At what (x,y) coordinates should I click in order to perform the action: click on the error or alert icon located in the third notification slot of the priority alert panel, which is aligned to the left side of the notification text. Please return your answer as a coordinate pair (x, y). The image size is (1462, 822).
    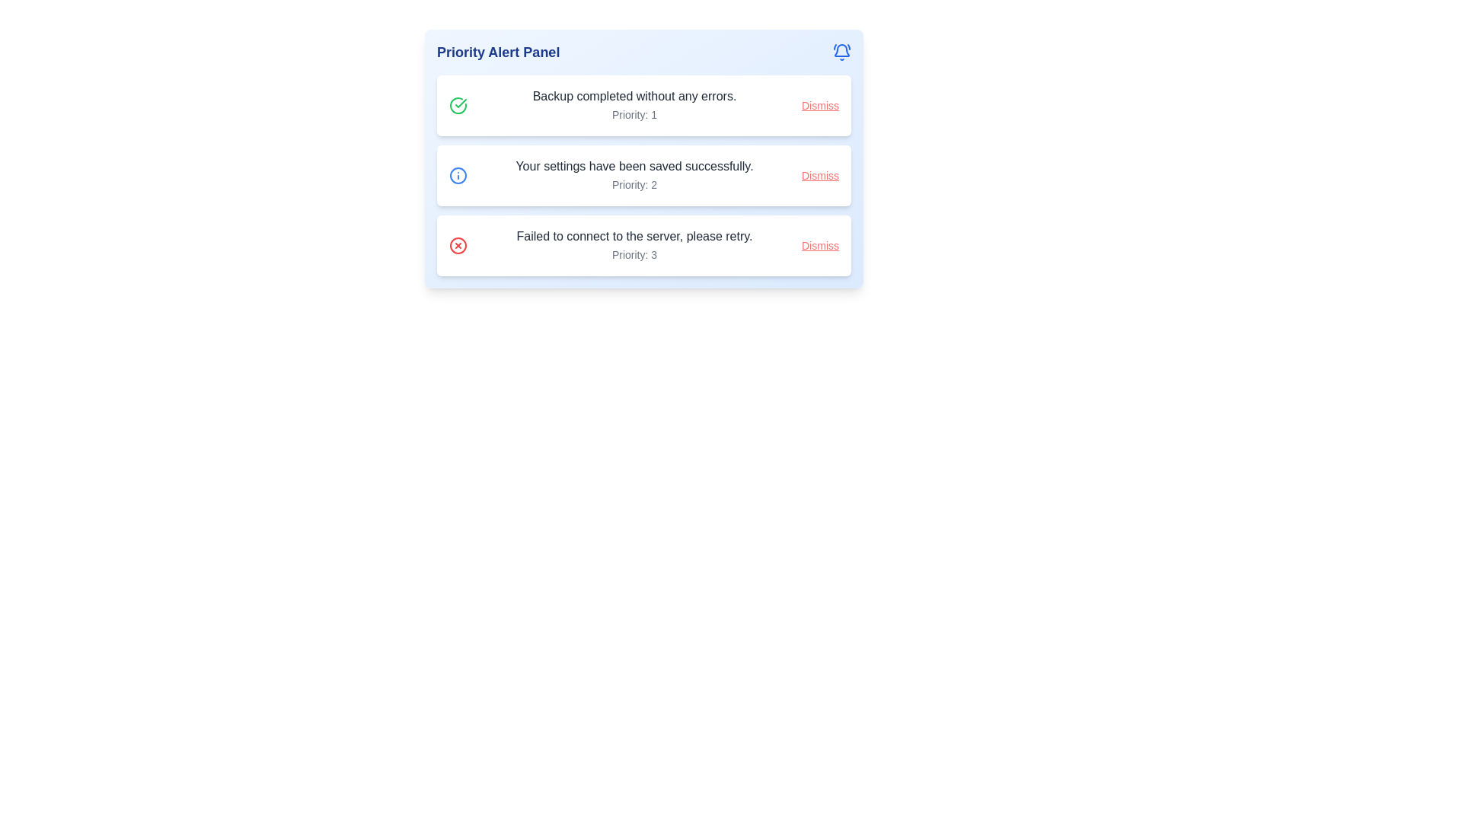
    Looking at the image, I should click on (457, 245).